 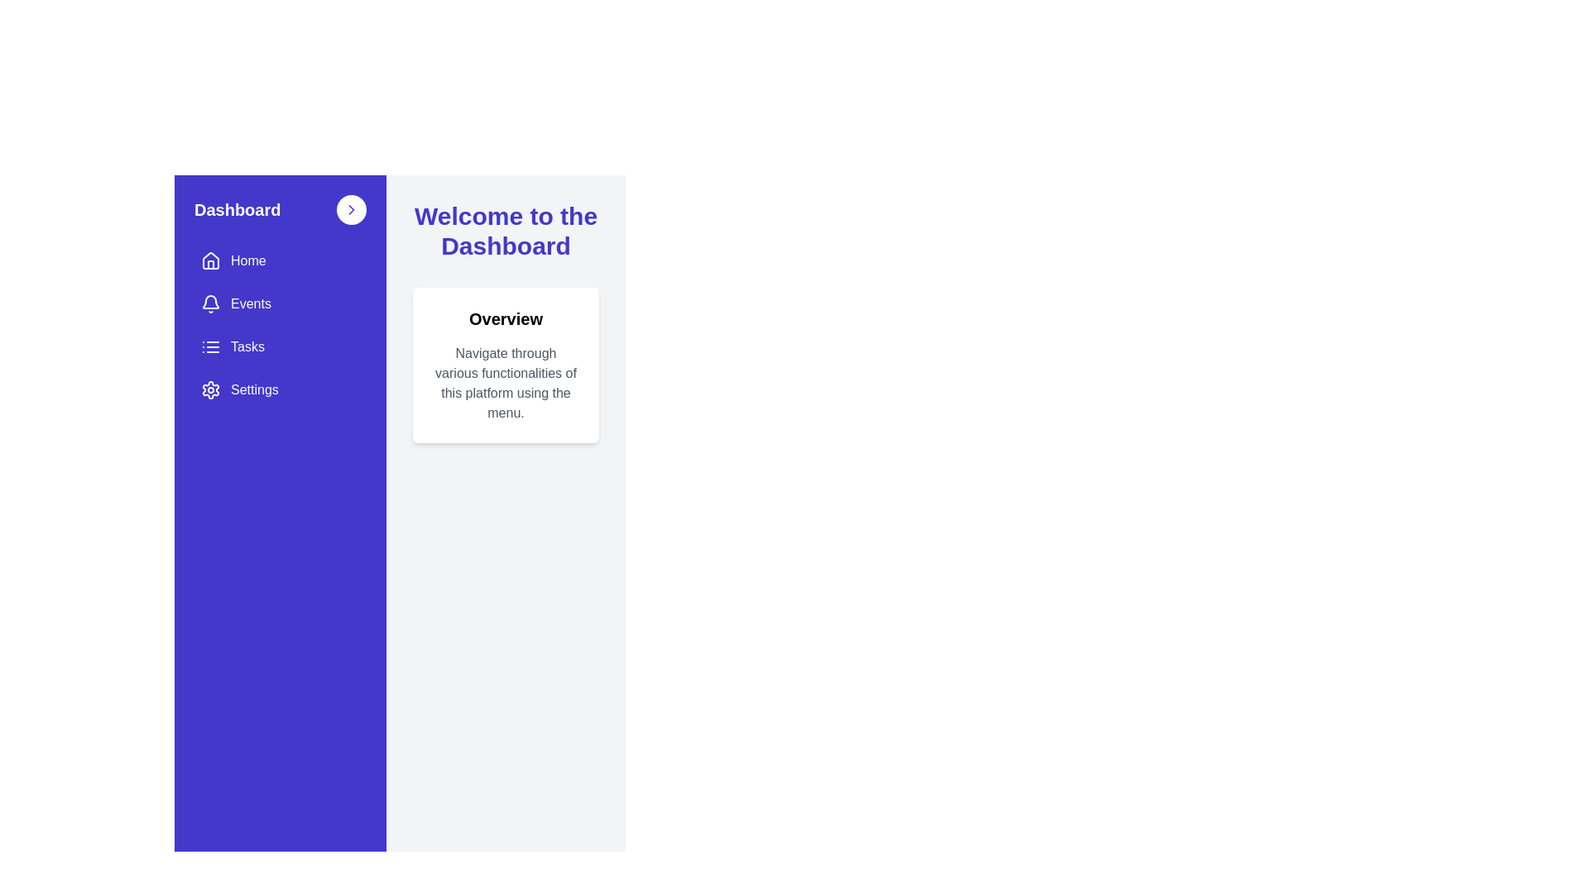 What do you see at coordinates (281, 303) in the screenshot?
I see `the second item in the vertical menu list inside the left sidebar` at bounding box center [281, 303].